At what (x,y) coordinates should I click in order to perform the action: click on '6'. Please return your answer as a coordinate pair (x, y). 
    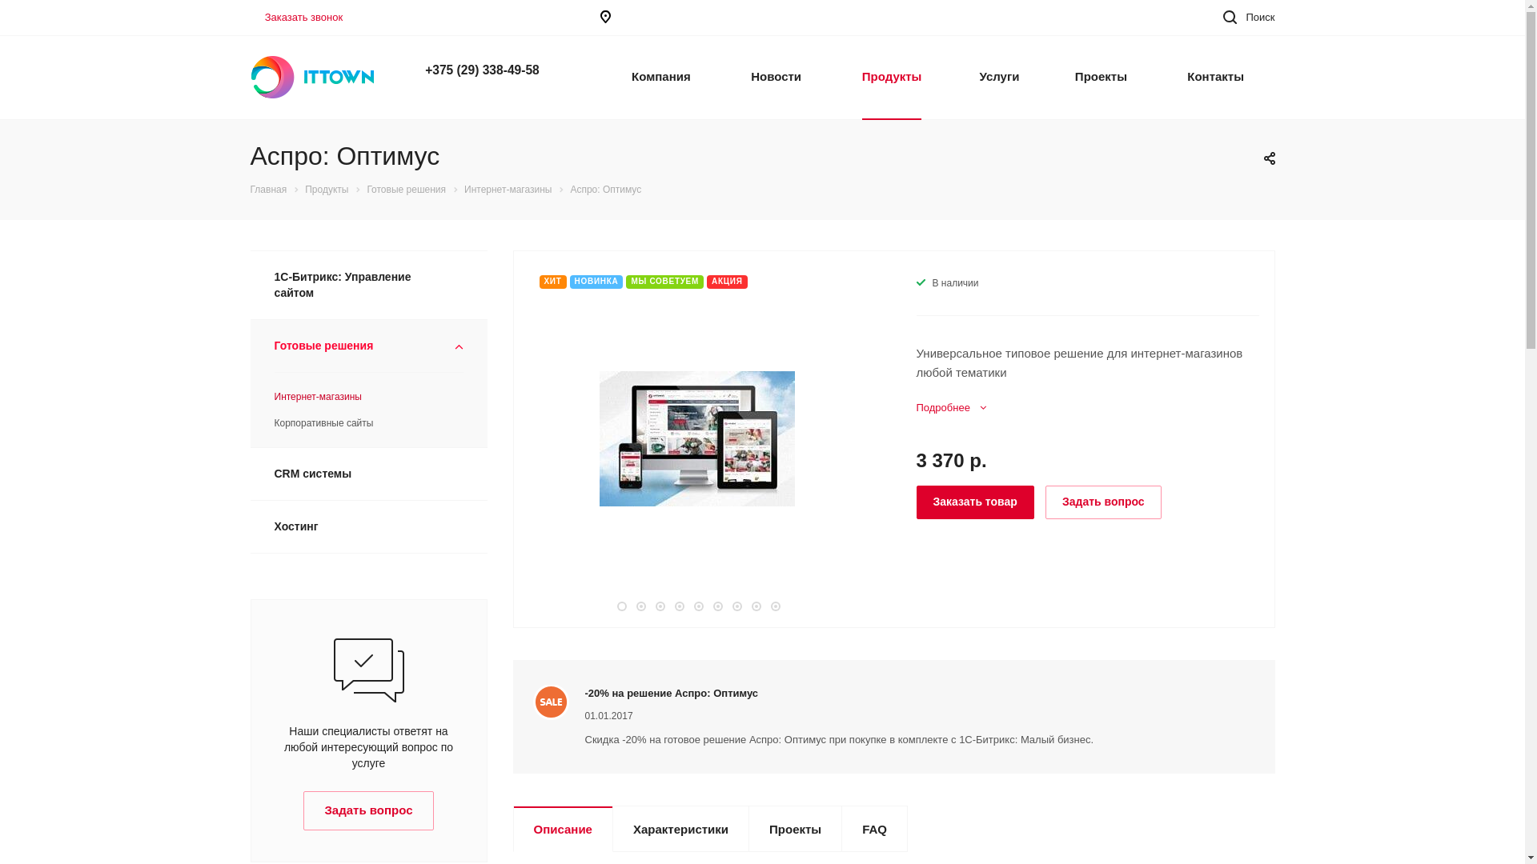
    Looking at the image, I should click on (716, 606).